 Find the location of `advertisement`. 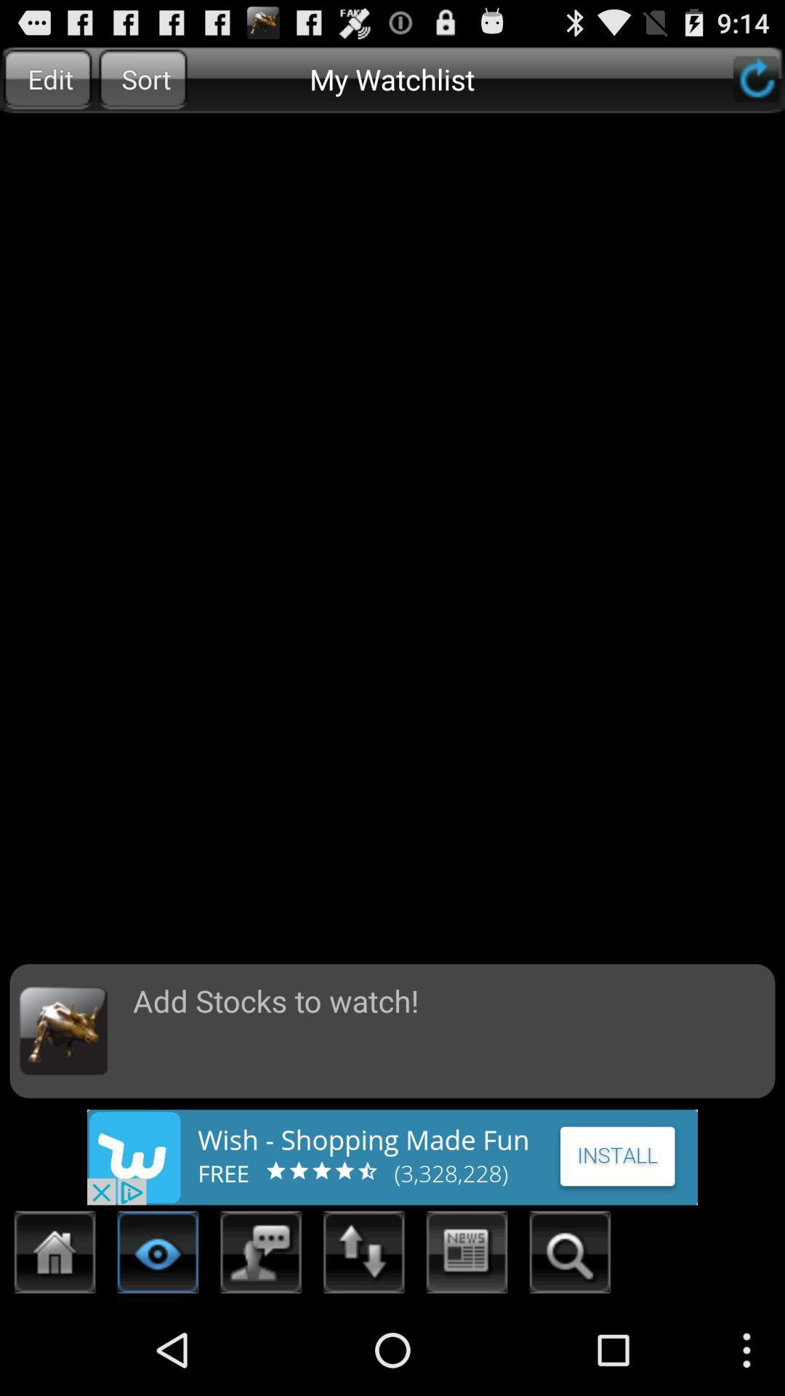

advertisement is located at coordinates (392, 1156).